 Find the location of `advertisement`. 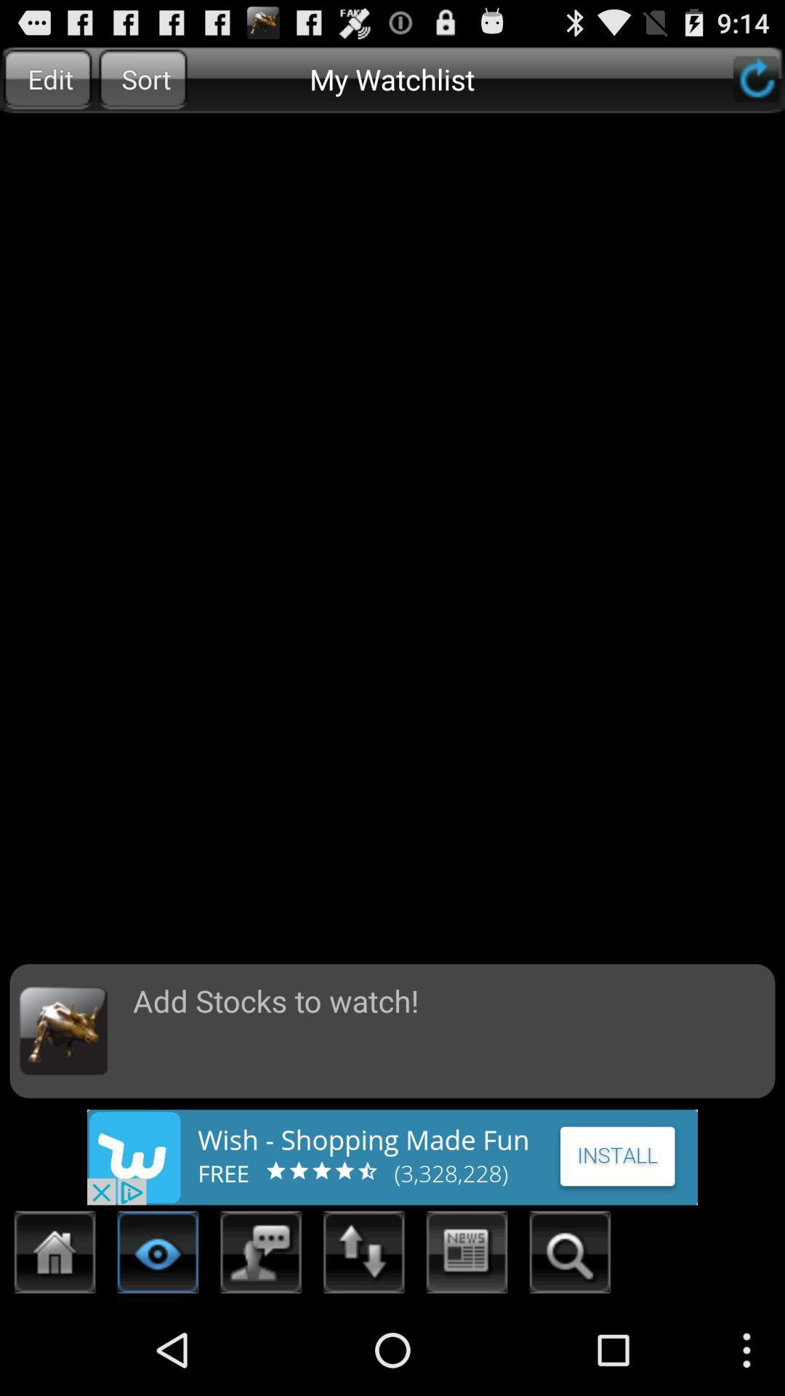

advertisement is located at coordinates (392, 1156).